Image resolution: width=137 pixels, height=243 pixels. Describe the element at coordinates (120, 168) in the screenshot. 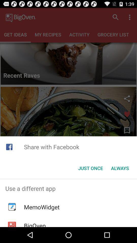

I see `item at the bottom right corner` at that location.